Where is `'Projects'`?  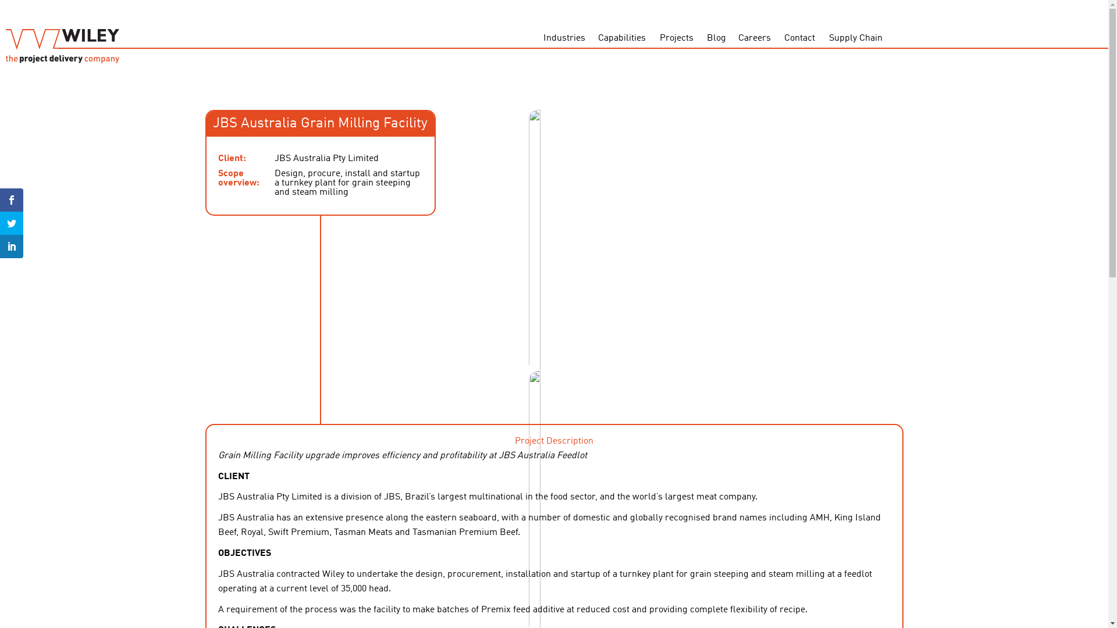 'Projects' is located at coordinates (677, 38).